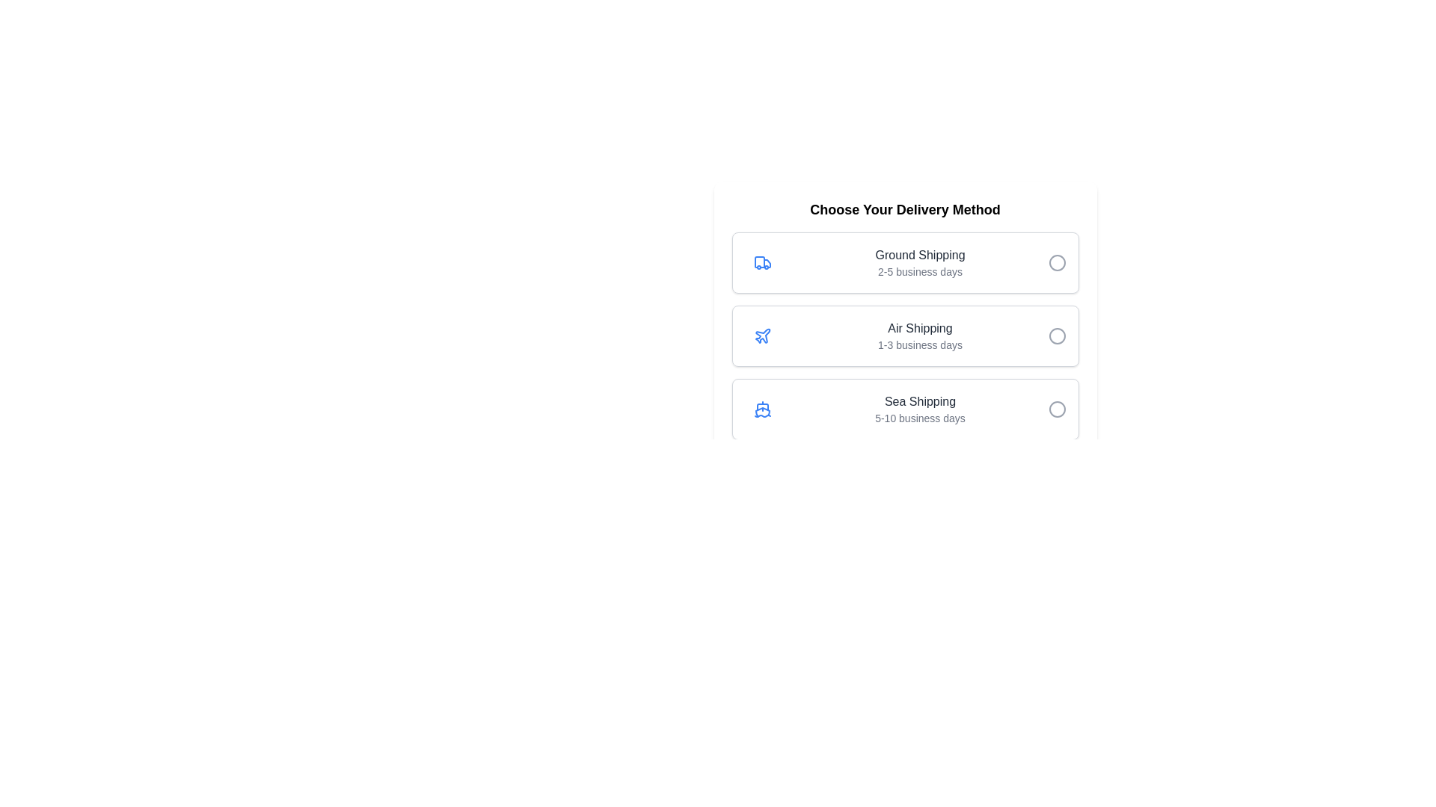 Image resolution: width=1436 pixels, height=807 pixels. What do you see at coordinates (1056, 409) in the screenshot?
I see `the radio button` at bounding box center [1056, 409].